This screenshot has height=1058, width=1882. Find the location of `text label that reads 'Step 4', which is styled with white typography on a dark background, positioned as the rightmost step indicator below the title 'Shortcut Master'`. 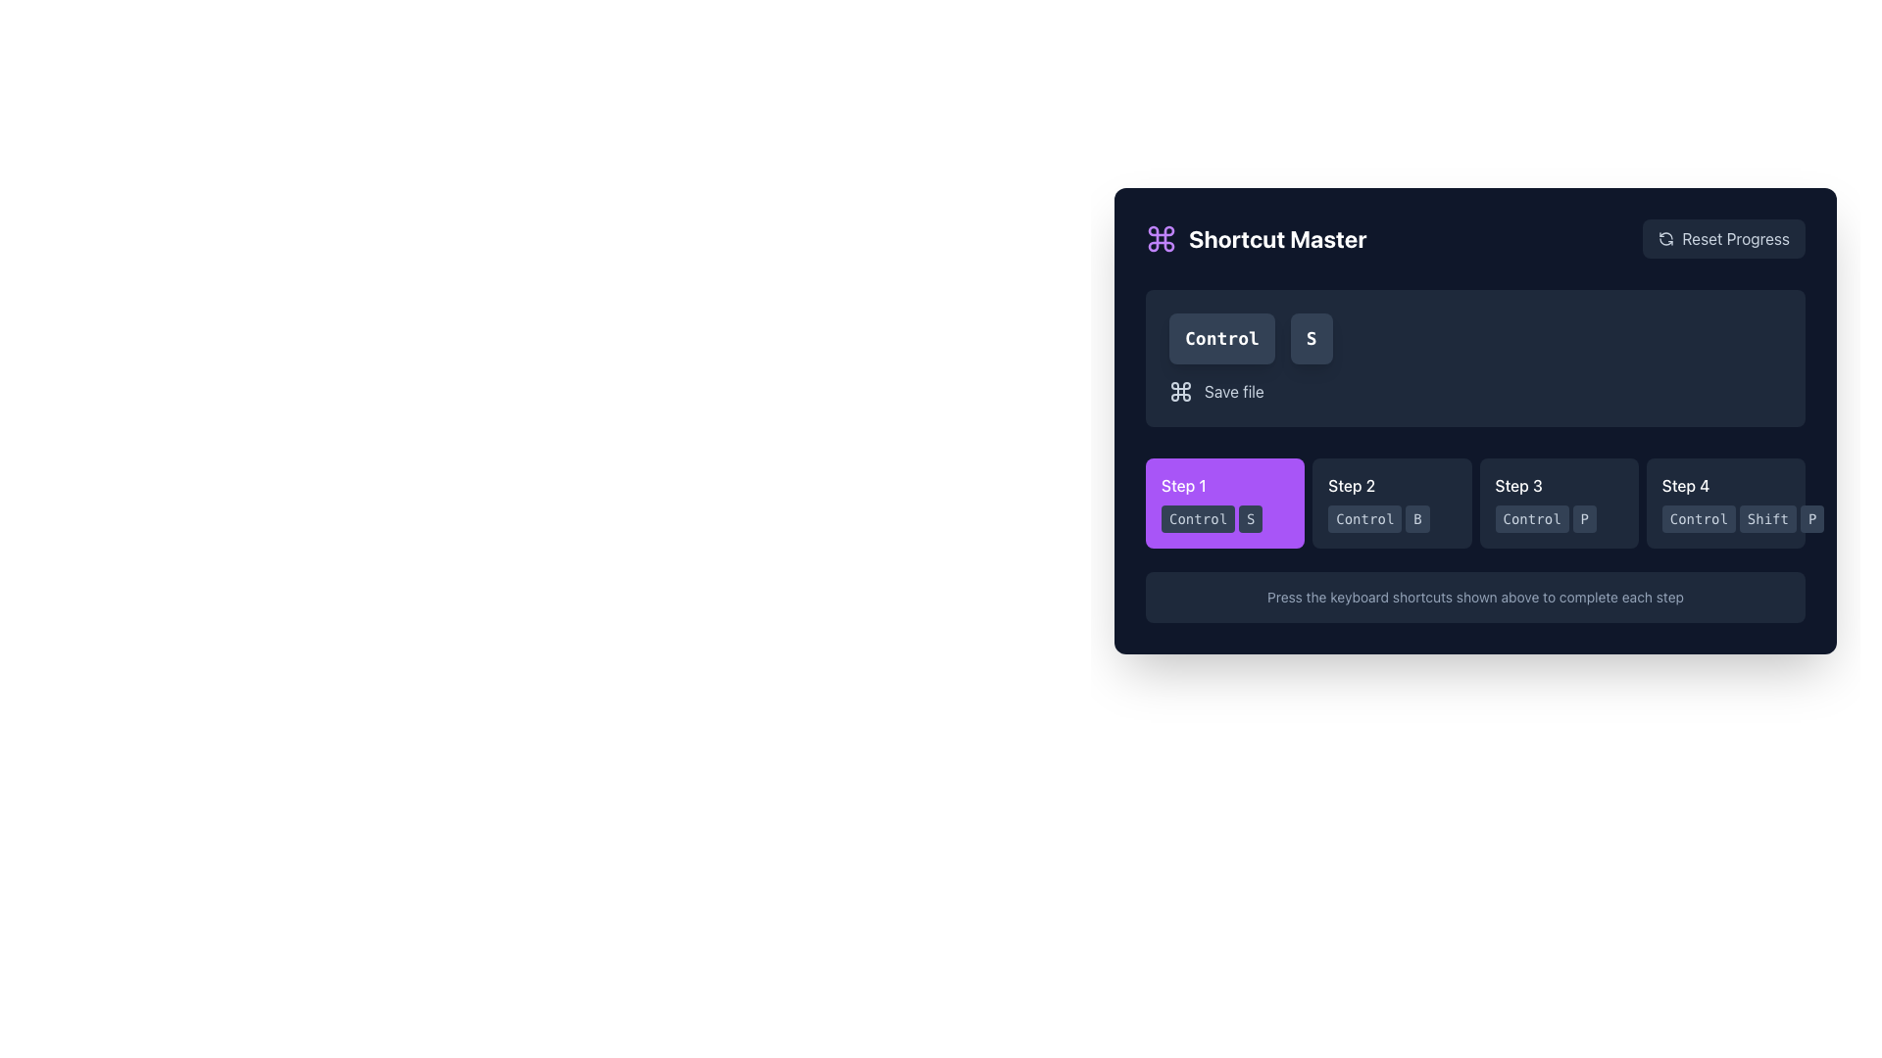

text label that reads 'Step 4', which is styled with white typography on a dark background, positioned as the rightmost step indicator below the title 'Shortcut Master' is located at coordinates (1685, 485).